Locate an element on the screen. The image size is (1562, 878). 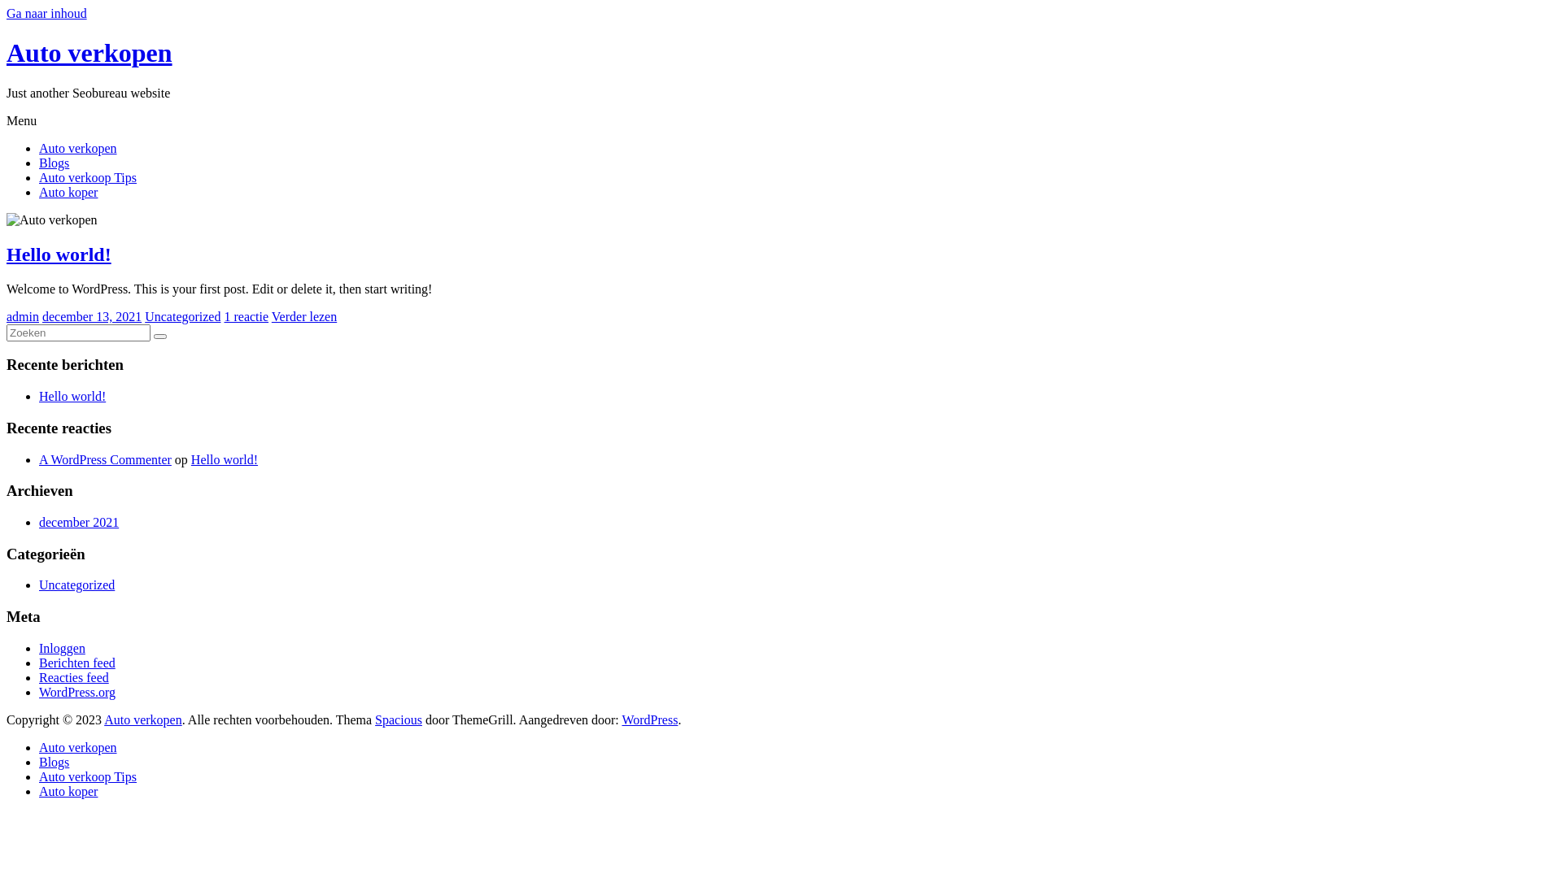
'Auto koper' is located at coordinates (67, 790).